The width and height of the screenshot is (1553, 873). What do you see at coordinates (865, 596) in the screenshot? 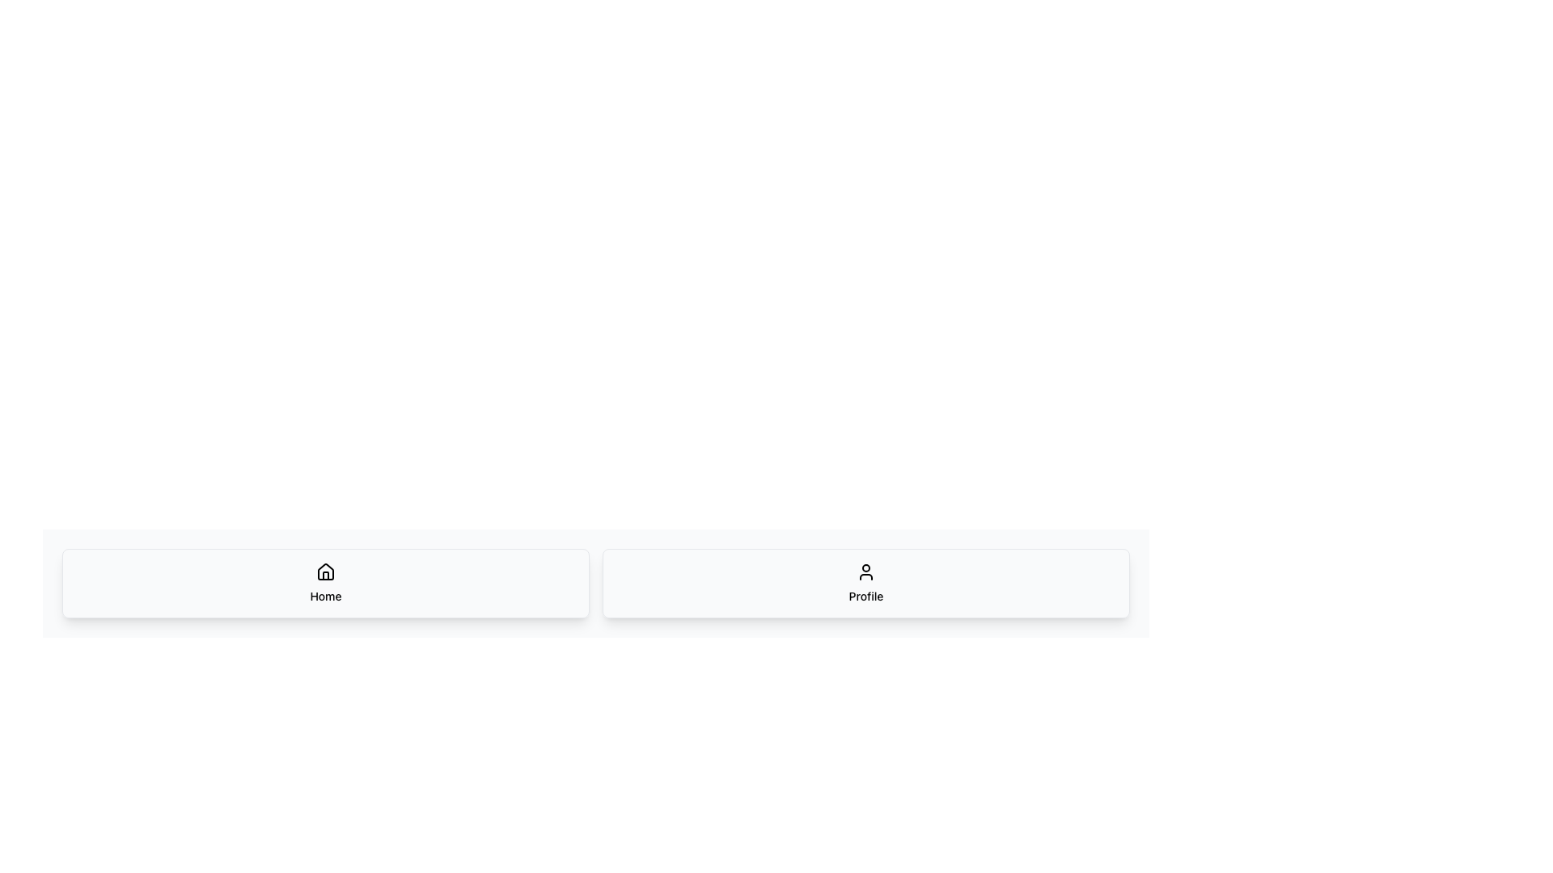
I see `text of the 'Profile' label, which is styled with a medium font weight and small font size, positioned below a user icon in the right-side navigation bar` at bounding box center [865, 596].